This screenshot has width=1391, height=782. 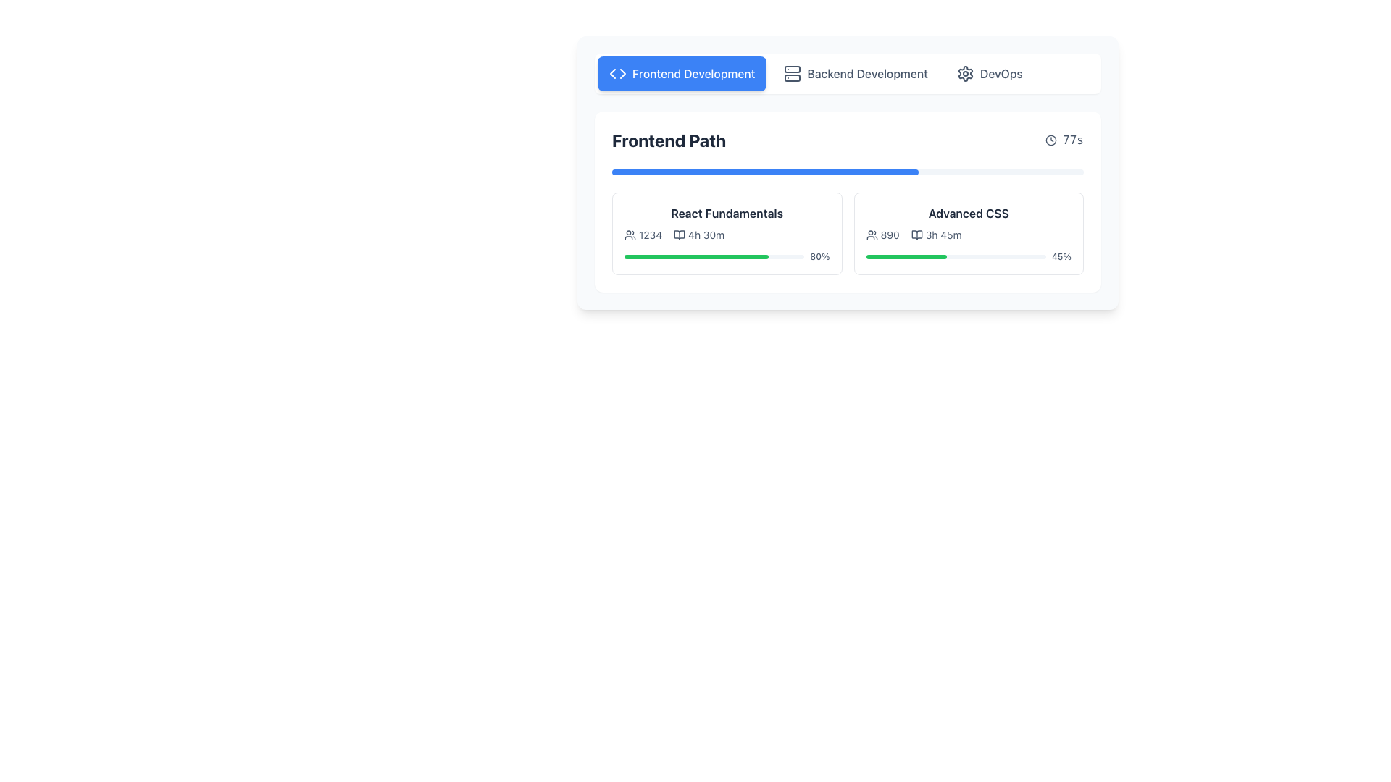 I want to click on the leftward-pointing chevron icon located in the blue tab labeled 'Frontend Development' within the top-left corner of the interface by moving the cursor over it, so click(x=612, y=73).